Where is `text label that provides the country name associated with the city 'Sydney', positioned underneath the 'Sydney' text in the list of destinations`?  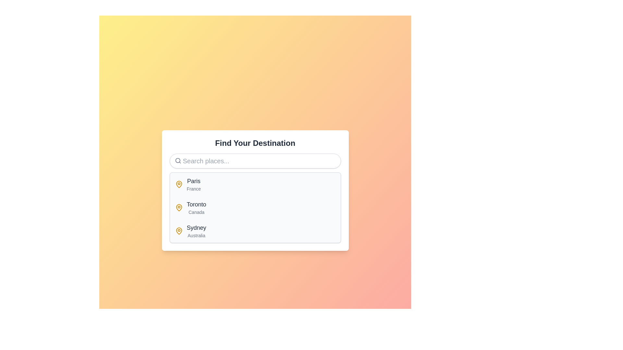
text label that provides the country name associated with the city 'Sydney', positioned underneath the 'Sydney' text in the list of destinations is located at coordinates (196, 235).